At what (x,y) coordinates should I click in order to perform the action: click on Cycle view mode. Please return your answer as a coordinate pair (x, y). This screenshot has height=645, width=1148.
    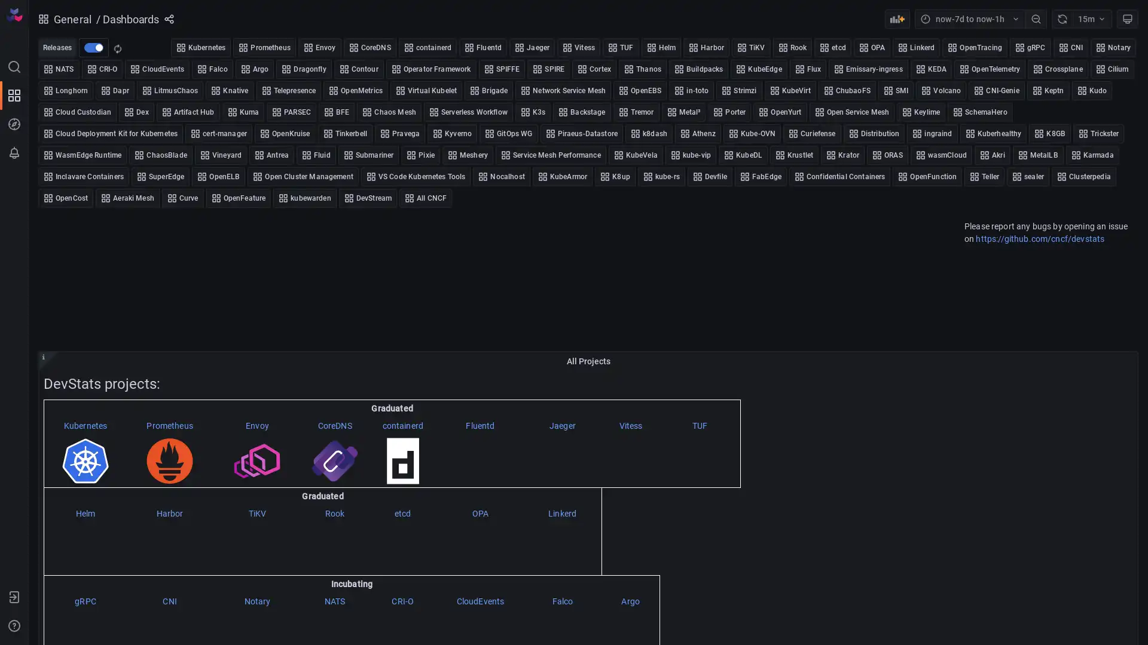
    Looking at the image, I should click on (1127, 19).